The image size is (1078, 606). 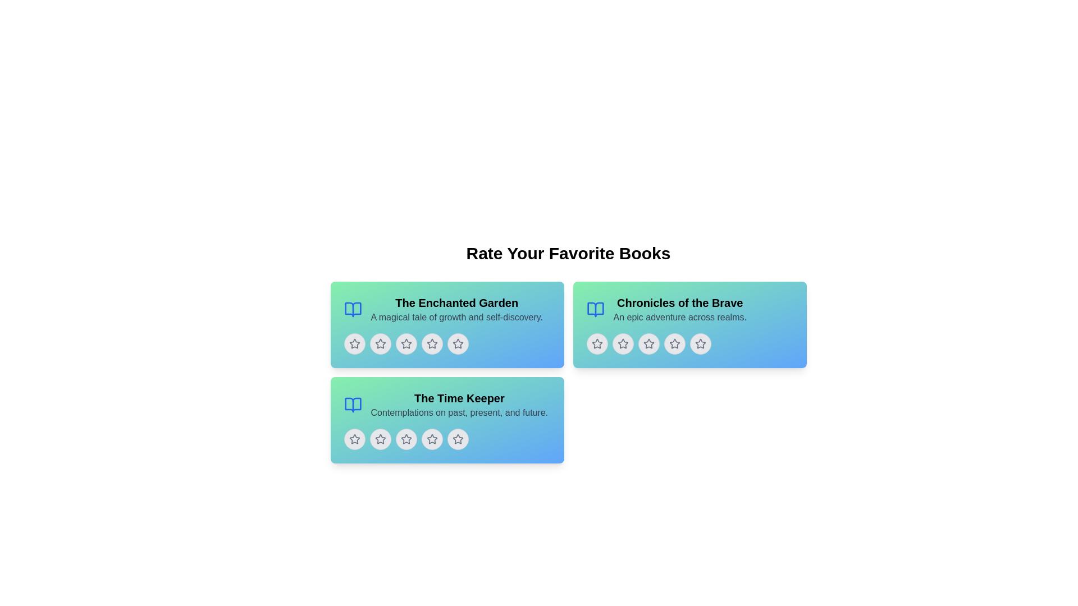 I want to click on the third star in the rating section to provide a rating of three stars for 'The Enchanted Garden', so click(x=431, y=343).